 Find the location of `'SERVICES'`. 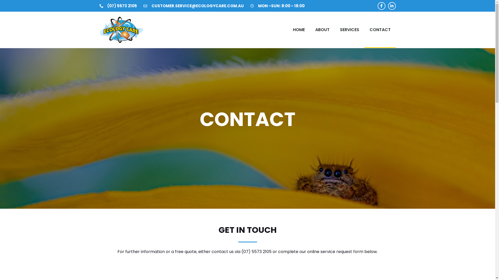

'SERVICES' is located at coordinates (349, 30).